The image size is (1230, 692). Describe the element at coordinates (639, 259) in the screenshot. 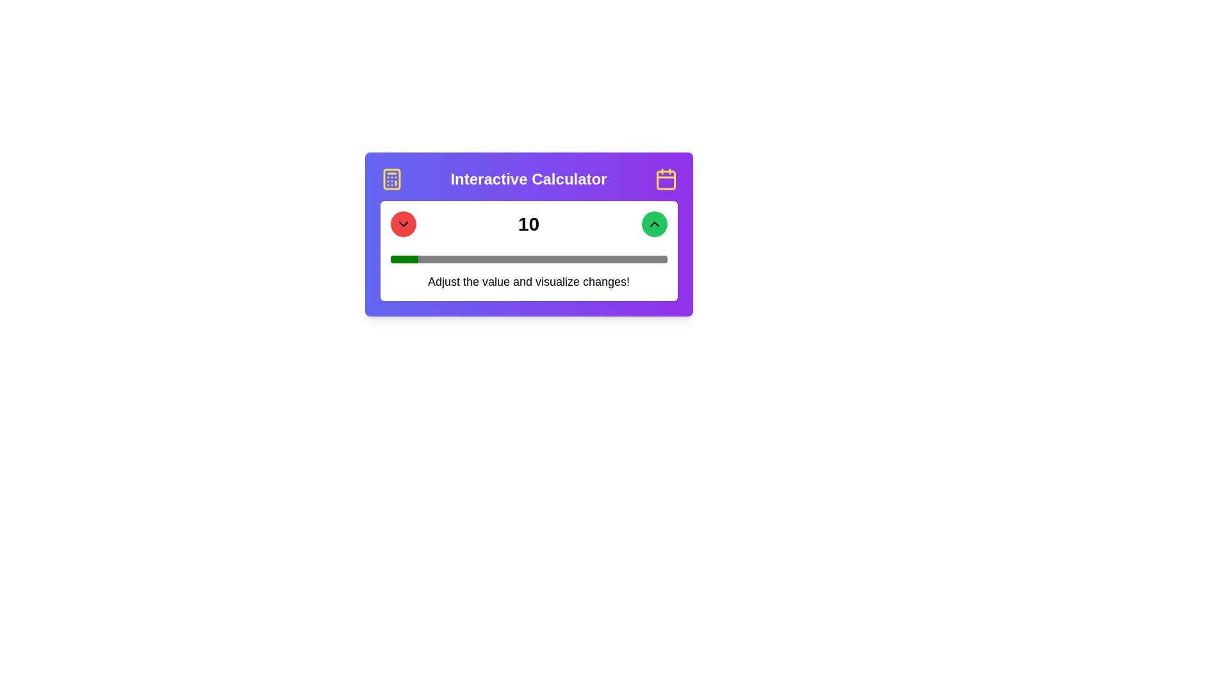

I see `the slider value` at that location.